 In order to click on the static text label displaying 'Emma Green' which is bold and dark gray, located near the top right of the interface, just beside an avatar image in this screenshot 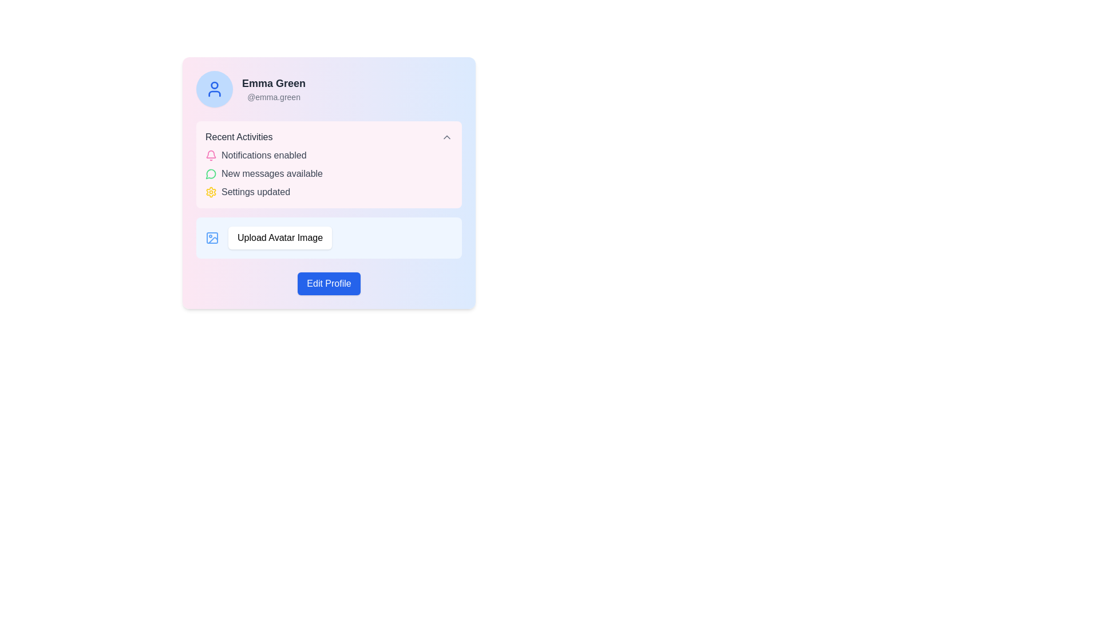, I will do `click(273, 83)`.